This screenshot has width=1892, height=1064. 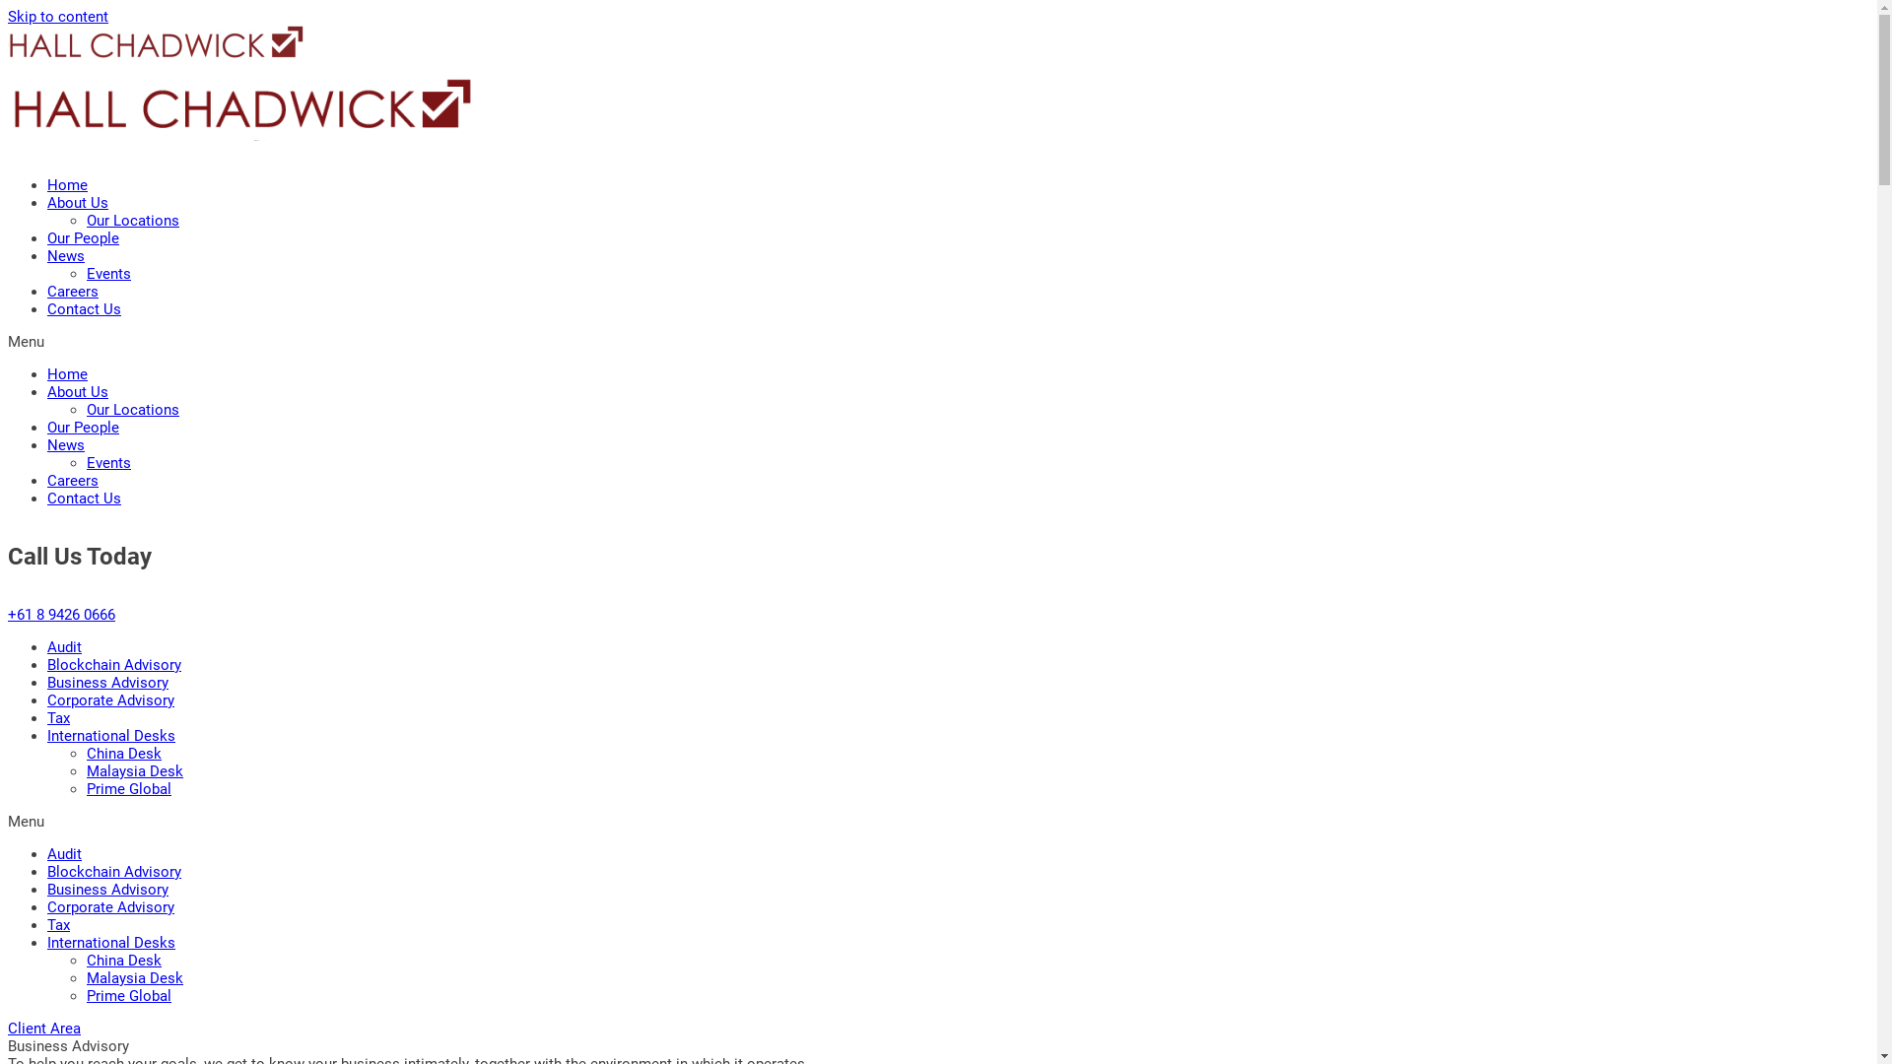 What do you see at coordinates (43, 1028) in the screenshot?
I see `'Client Area'` at bounding box center [43, 1028].